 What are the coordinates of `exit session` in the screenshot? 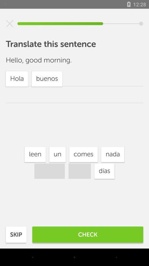 It's located at (10, 24).